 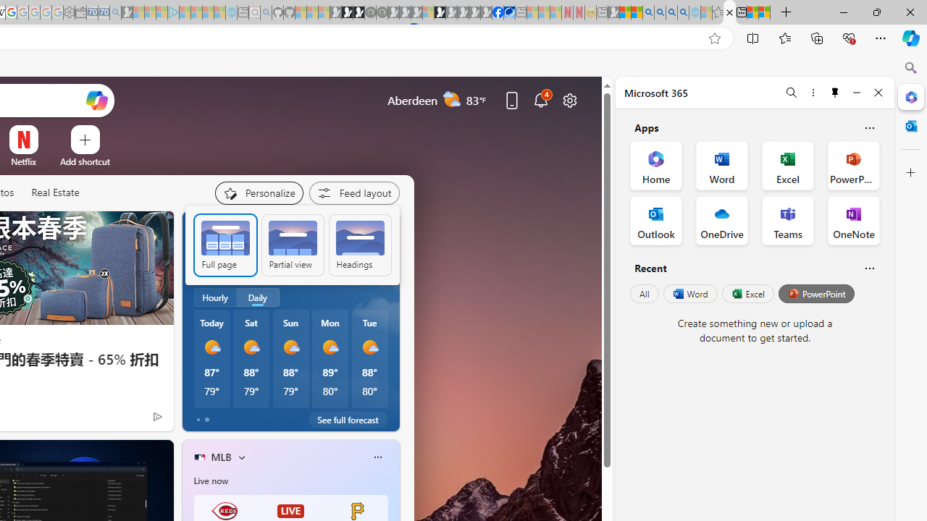 What do you see at coordinates (369, 347) in the screenshot?
I see `'Mostly sunny'` at bounding box center [369, 347].